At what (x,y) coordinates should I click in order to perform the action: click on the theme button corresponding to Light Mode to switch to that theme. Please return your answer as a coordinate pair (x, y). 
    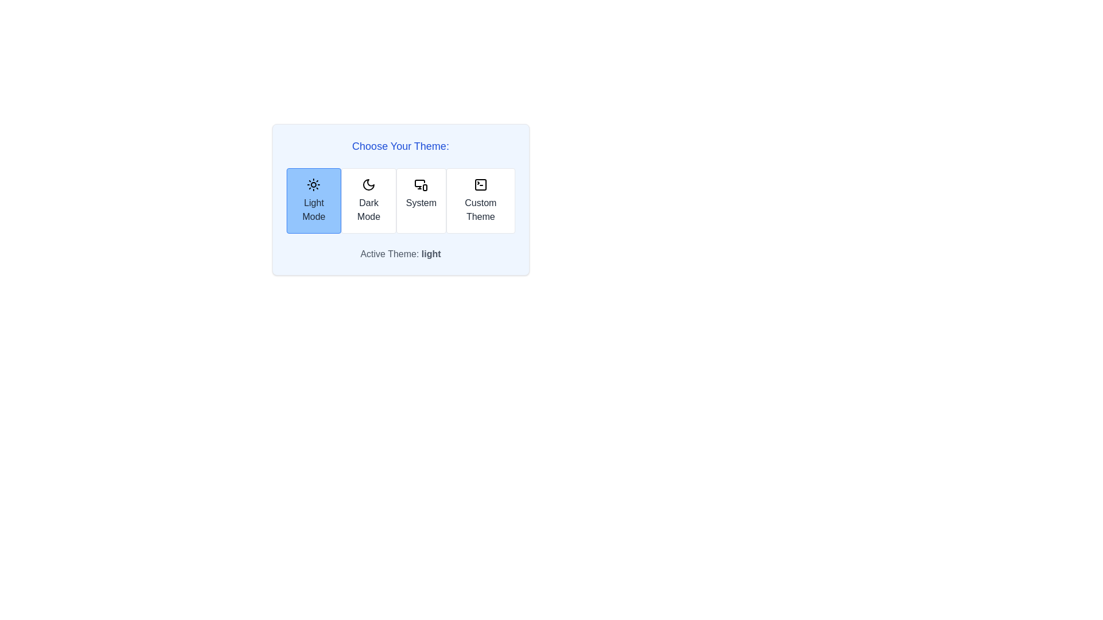
    Looking at the image, I should click on (314, 200).